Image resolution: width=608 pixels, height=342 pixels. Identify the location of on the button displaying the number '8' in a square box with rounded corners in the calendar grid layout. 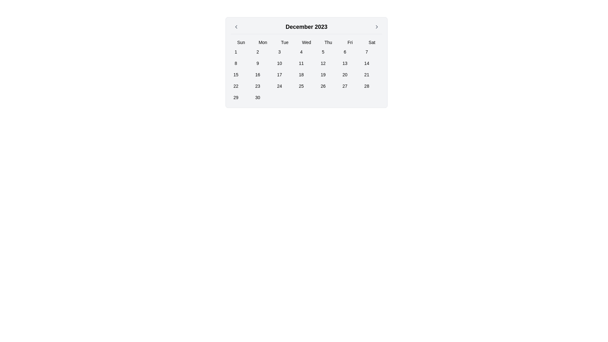
(235, 63).